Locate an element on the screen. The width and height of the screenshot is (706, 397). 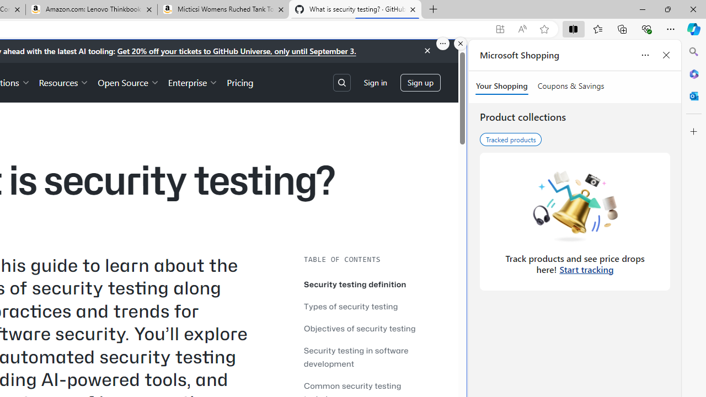
'Security testing in software development' is located at coordinates (370, 357).